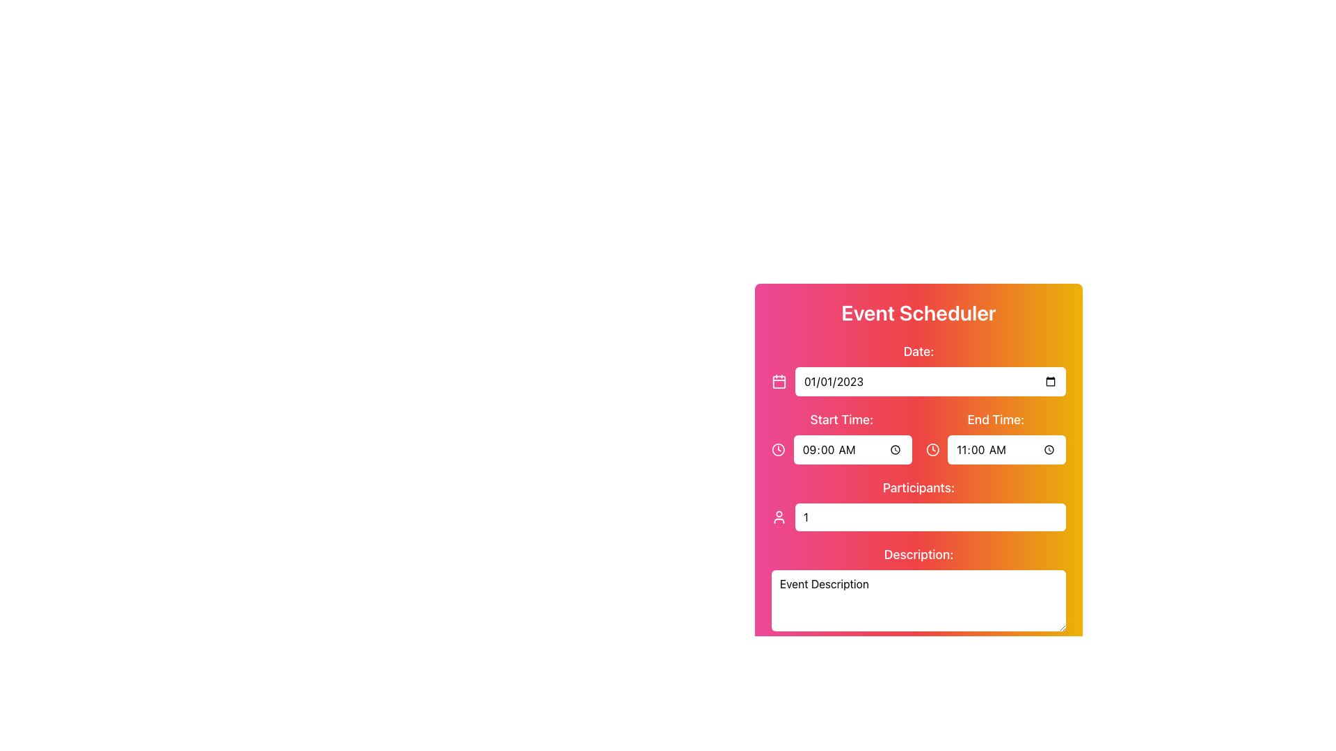 The width and height of the screenshot is (1336, 751). I want to click on the Time Input Field located to the right of the clock icon, under the label 'End Time:', so click(995, 450).